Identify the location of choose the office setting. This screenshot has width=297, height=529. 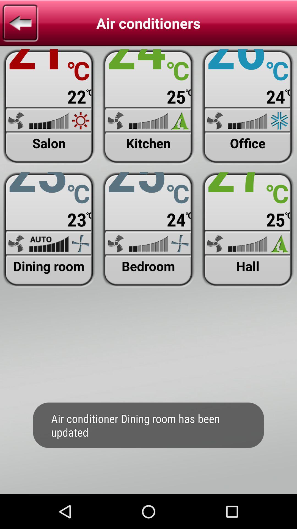
(248, 107).